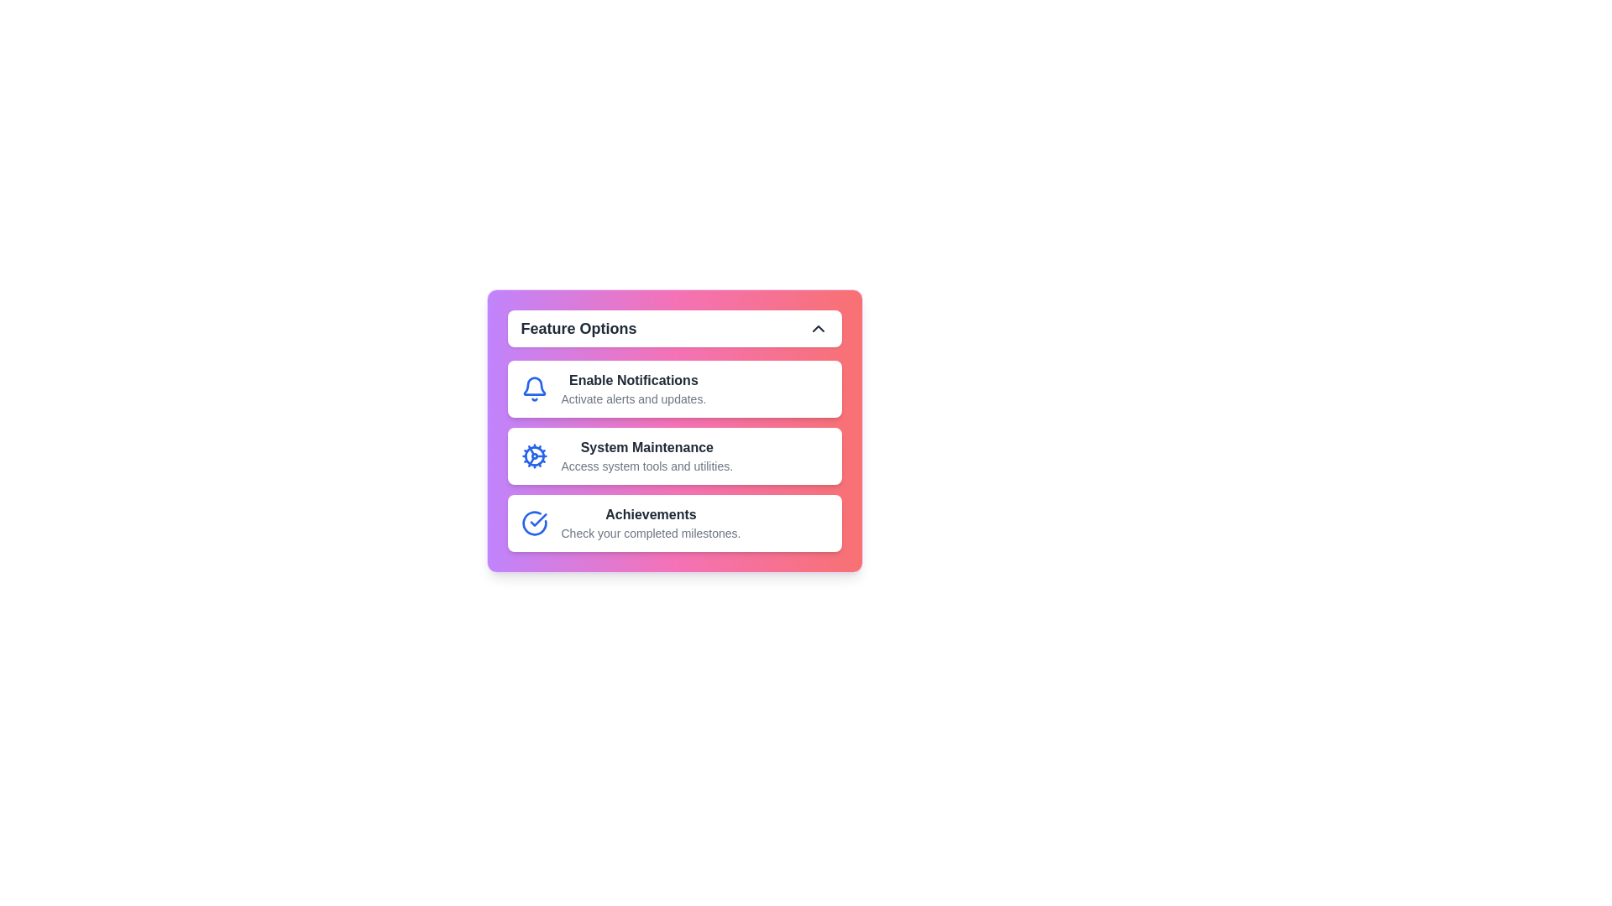 The image size is (1612, 906). What do you see at coordinates (674, 456) in the screenshot?
I see `the feature item System Maintenance` at bounding box center [674, 456].